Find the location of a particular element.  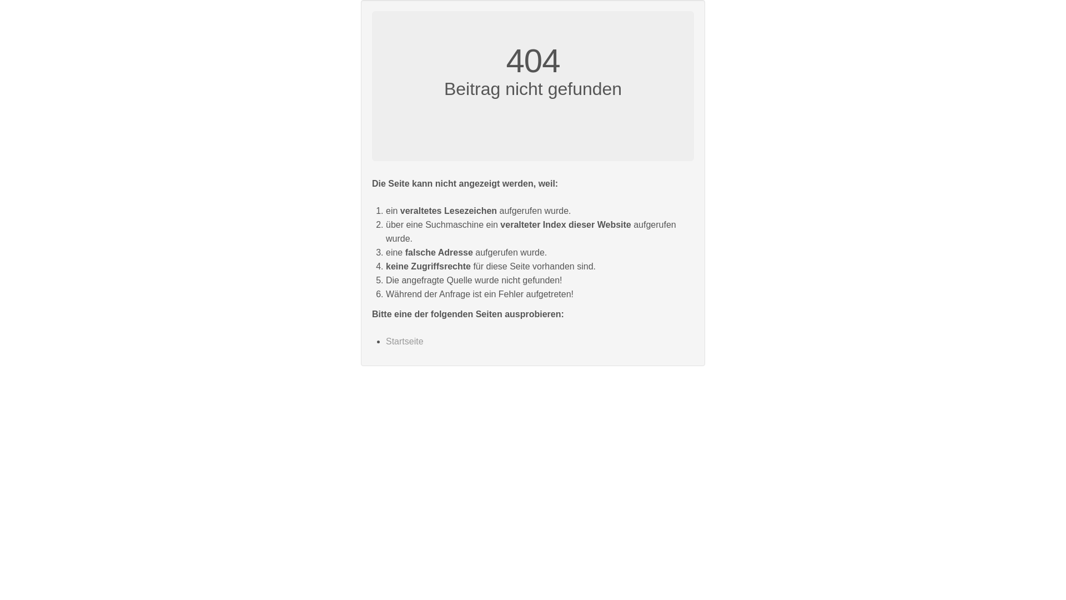

'Startseite' is located at coordinates (404, 341).